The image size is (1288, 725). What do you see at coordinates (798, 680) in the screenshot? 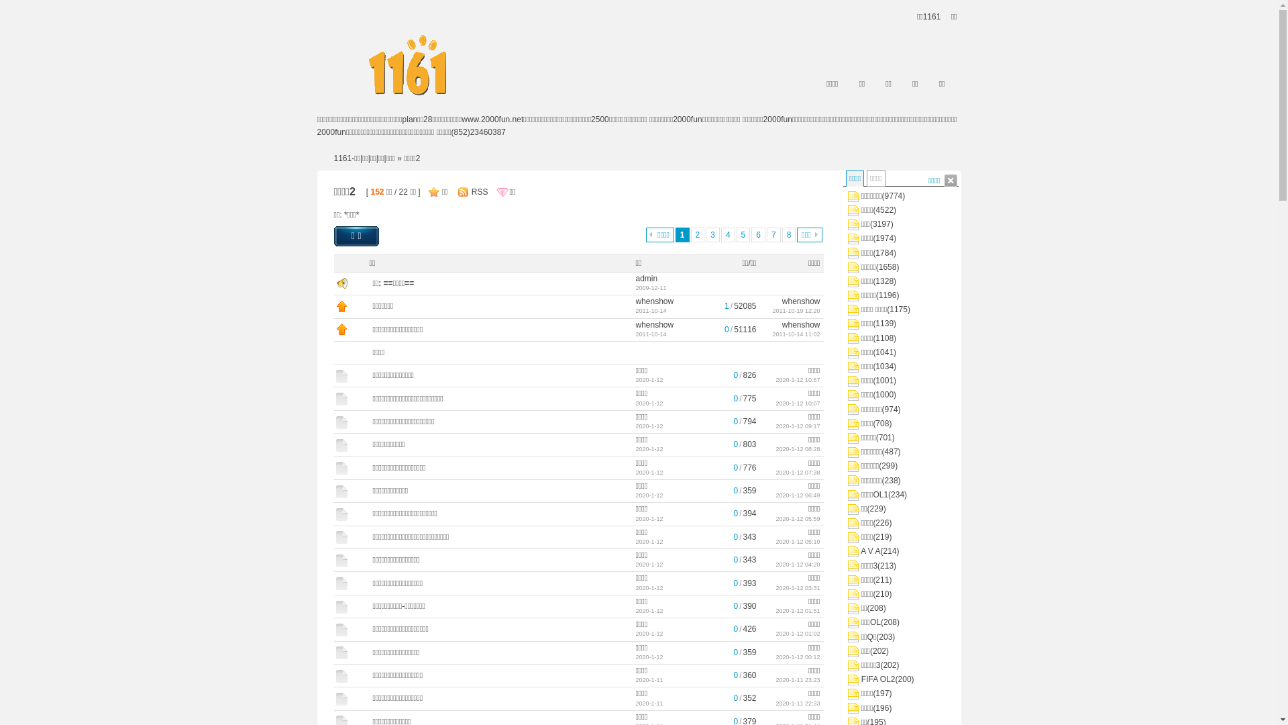
I see `'2020-1-11 23:23'` at bounding box center [798, 680].